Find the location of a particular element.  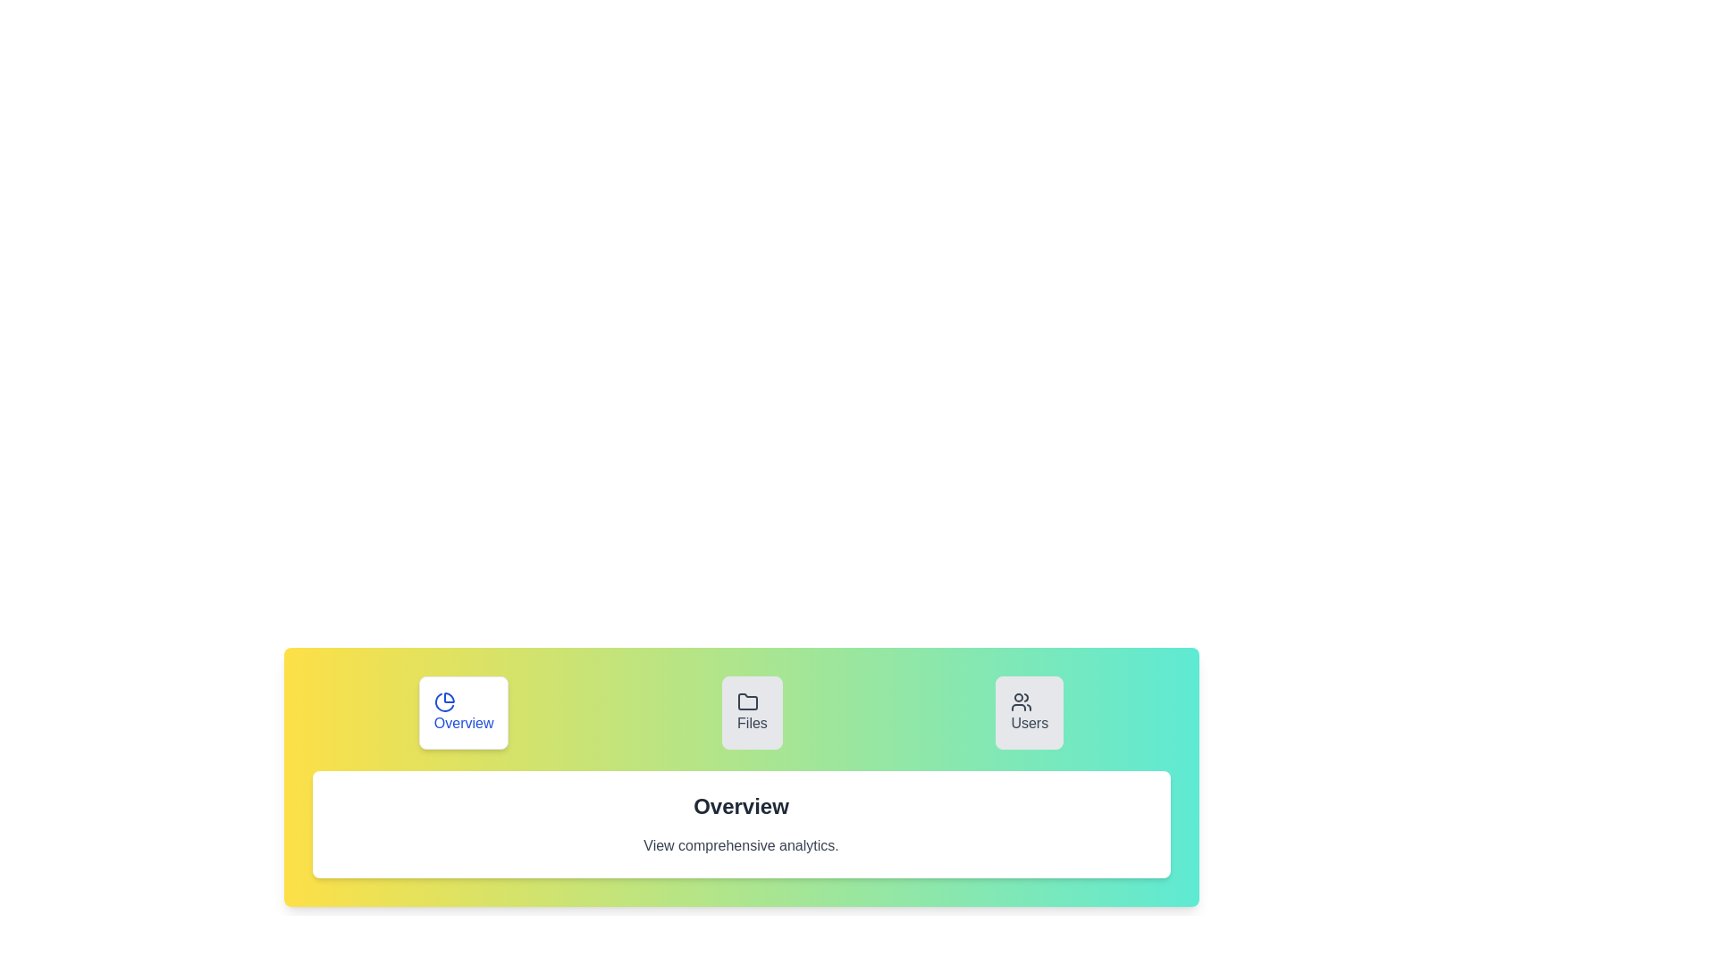

the Files tab to inspect its content is located at coordinates (751, 712).